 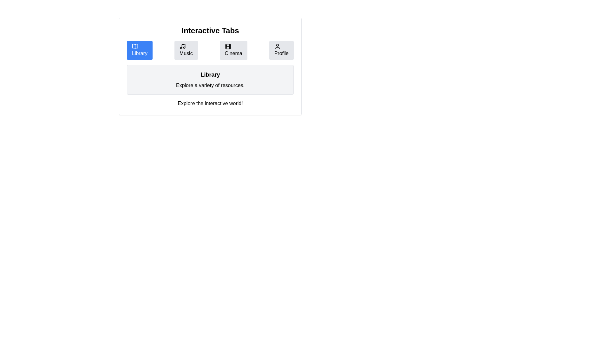 I want to click on the Cinema tab by clicking on its button, so click(x=233, y=50).